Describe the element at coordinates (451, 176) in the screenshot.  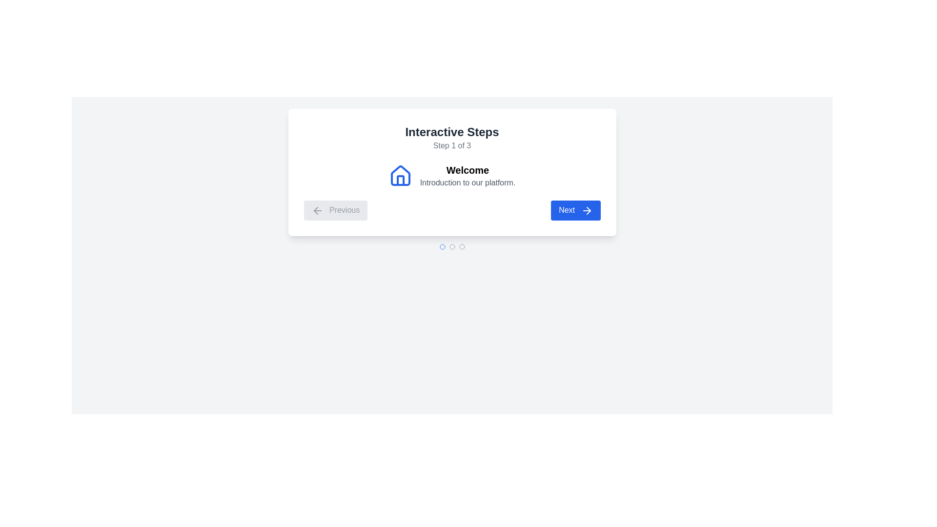
I see `the informational component that combines an icon and text, located centrally below 'Interactive Steps' and above the navigation buttons 'Previous' and 'Next'` at that location.